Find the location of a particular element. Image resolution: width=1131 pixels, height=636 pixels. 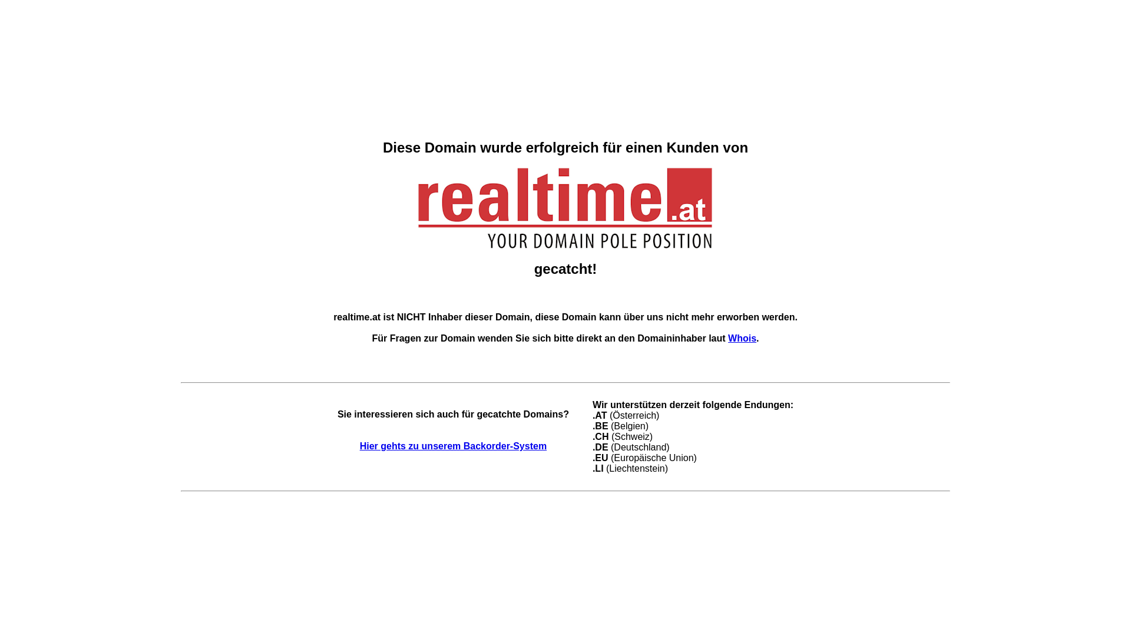

'Hier gehts zu unserem Backorder-System' is located at coordinates (452, 446).